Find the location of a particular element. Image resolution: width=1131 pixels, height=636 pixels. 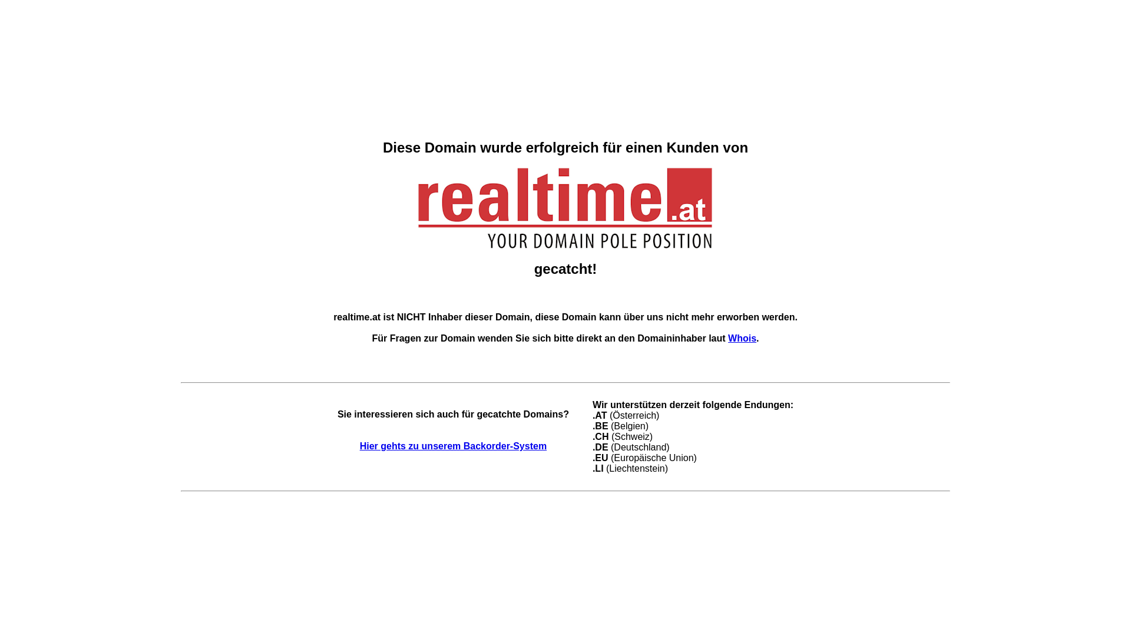

'Hier gehts zu unserem Backorder-System' is located at coordinates (452, 446).